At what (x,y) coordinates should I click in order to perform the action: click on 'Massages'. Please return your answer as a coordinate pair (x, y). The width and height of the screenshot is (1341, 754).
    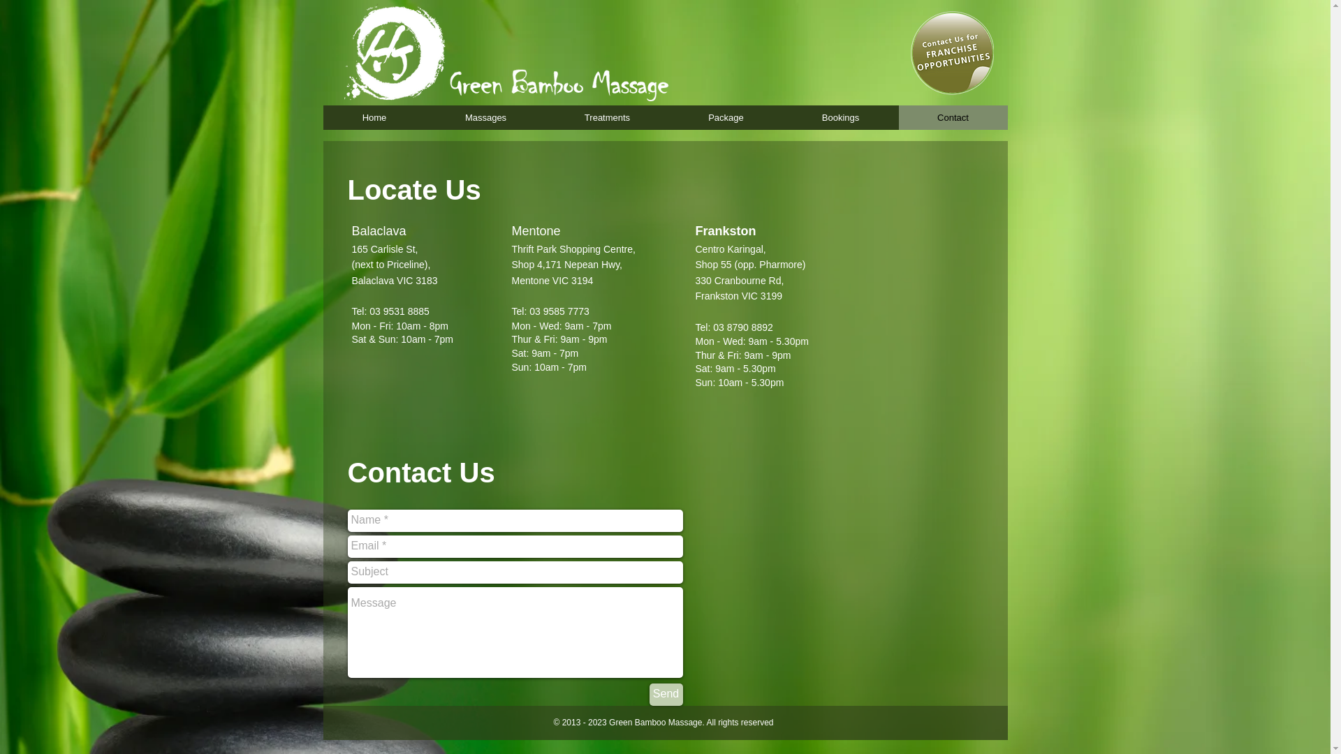
    Looking at the image, I should click on (485, 117).